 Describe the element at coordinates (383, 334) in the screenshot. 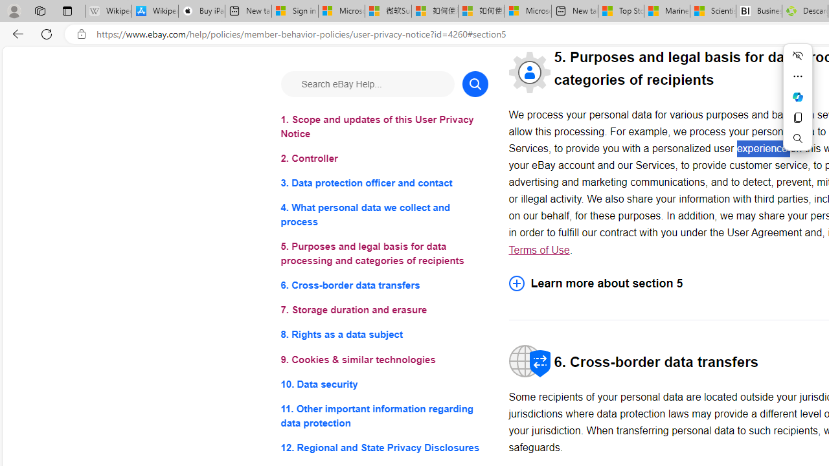

I see `'8. Rights as a data subject'` at that location.